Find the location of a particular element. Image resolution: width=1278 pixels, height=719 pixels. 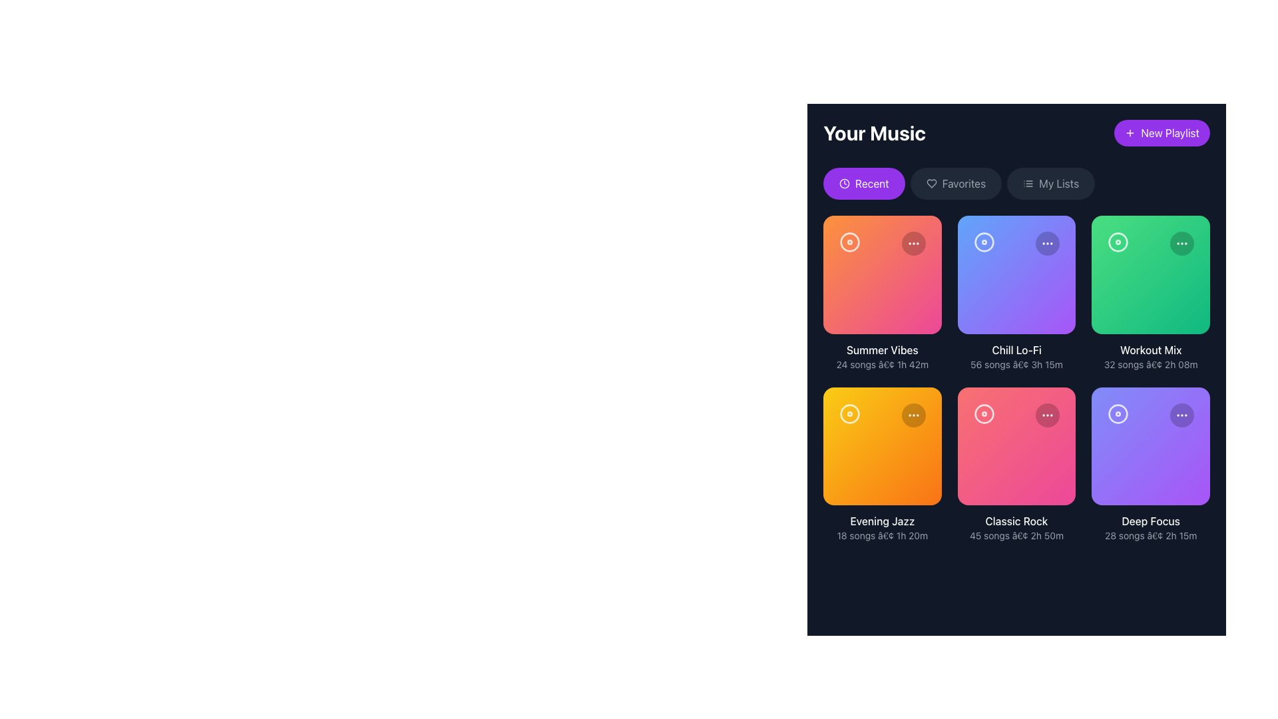

the circular indicator icon located on the green card labeled 'Workout Mix' in the first row and third column of the grid layout is located at coordinates (1118, 242).